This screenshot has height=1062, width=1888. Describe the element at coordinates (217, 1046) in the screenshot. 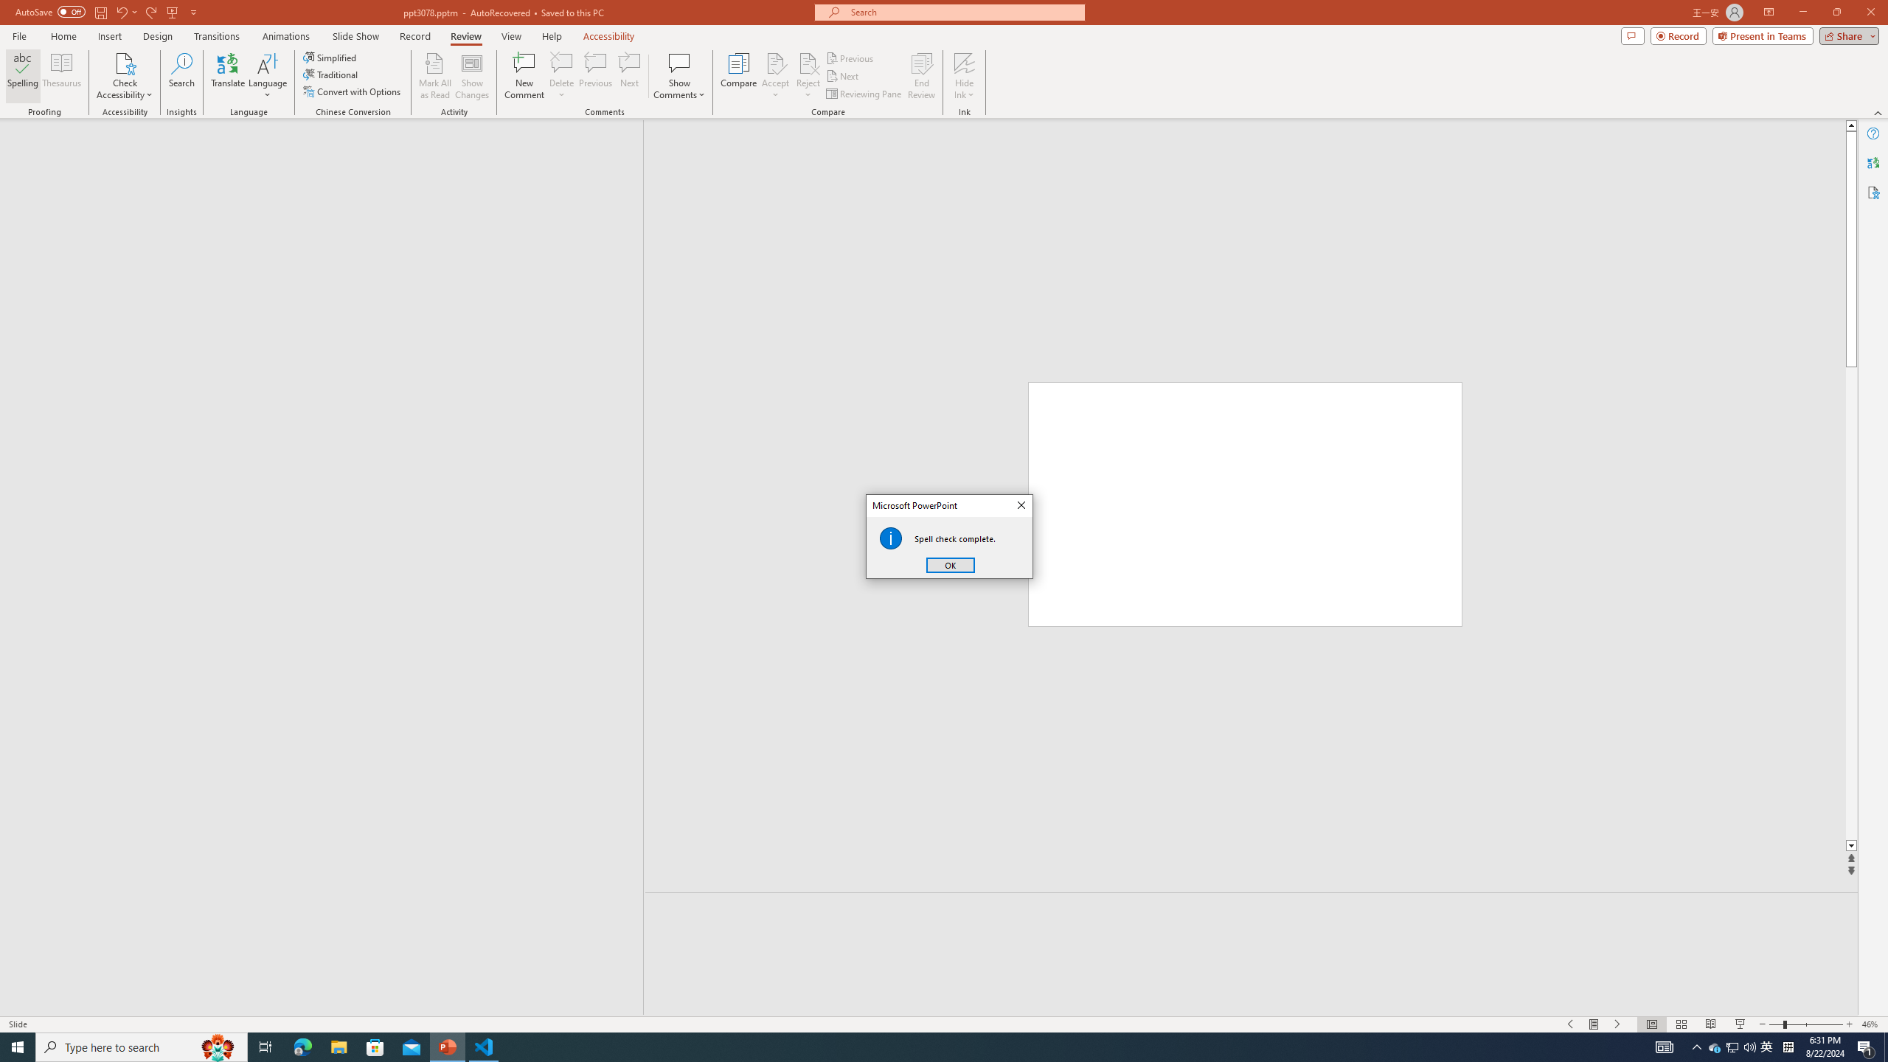

I see `'Search highlights icon opens search home window'` at that location.